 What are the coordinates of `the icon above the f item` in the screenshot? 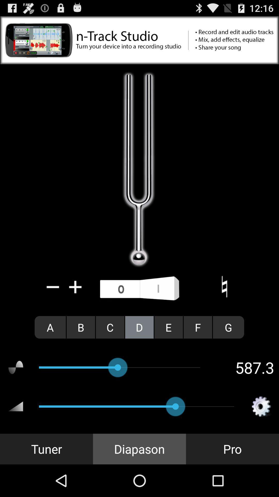 It's located at (224, 287).